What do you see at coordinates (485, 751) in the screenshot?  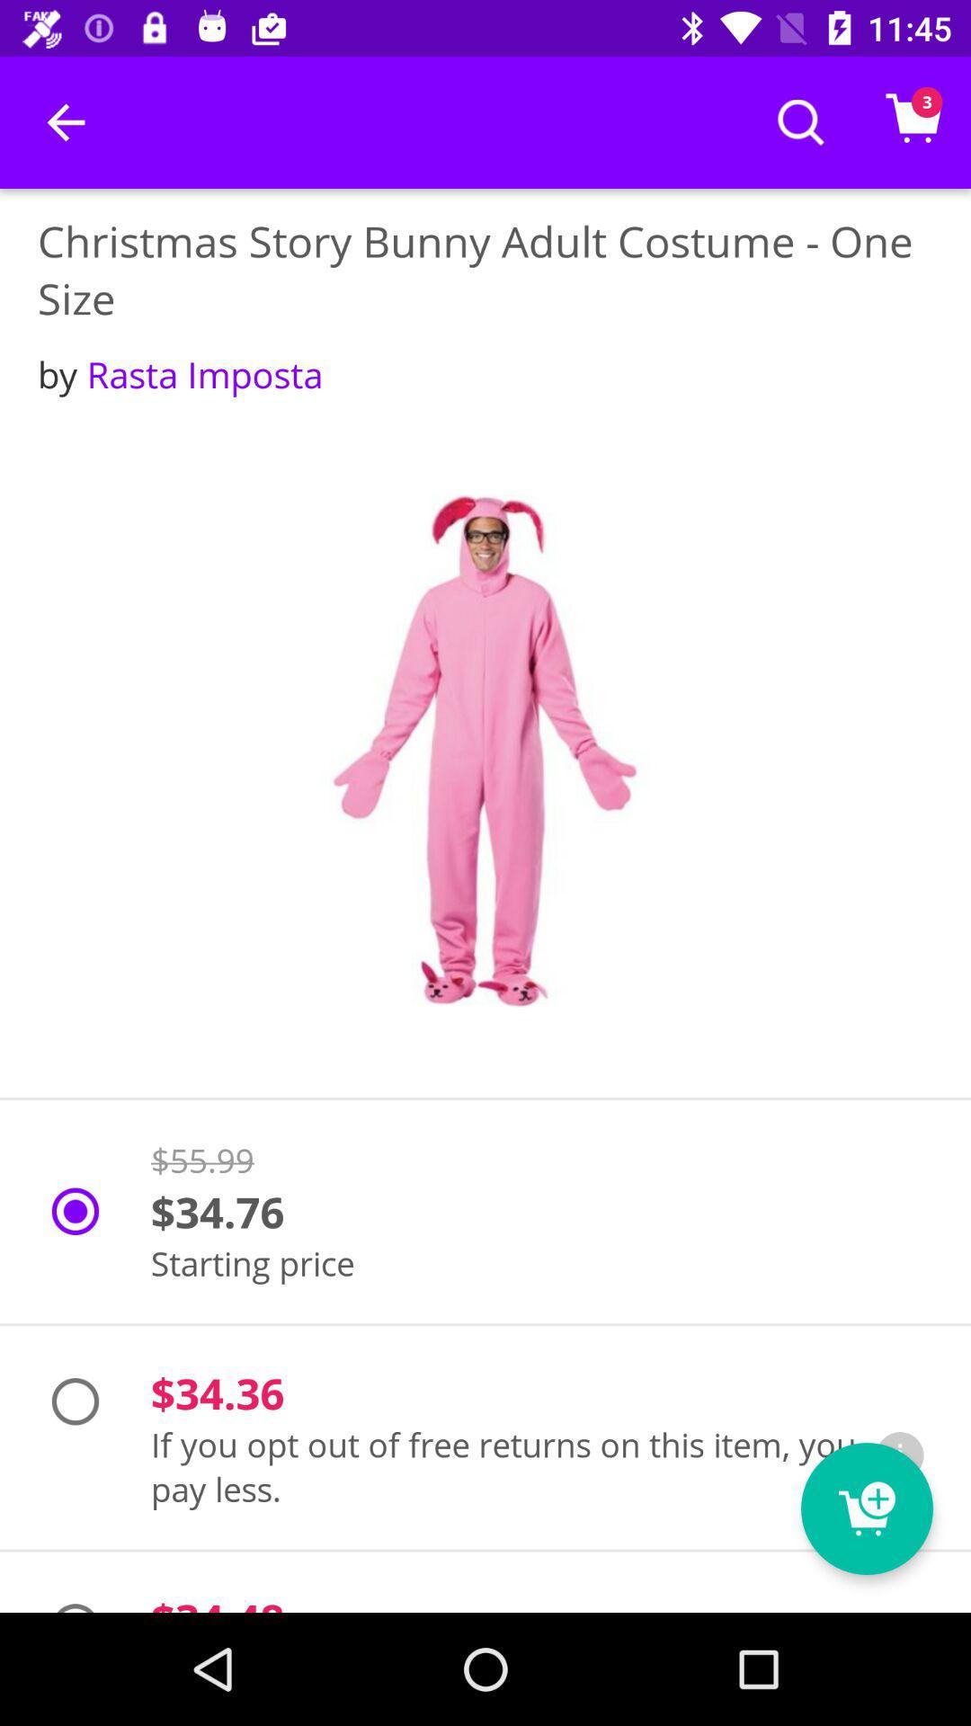 I see `item below the by rasta imposta` at bounding box center [485, 751].